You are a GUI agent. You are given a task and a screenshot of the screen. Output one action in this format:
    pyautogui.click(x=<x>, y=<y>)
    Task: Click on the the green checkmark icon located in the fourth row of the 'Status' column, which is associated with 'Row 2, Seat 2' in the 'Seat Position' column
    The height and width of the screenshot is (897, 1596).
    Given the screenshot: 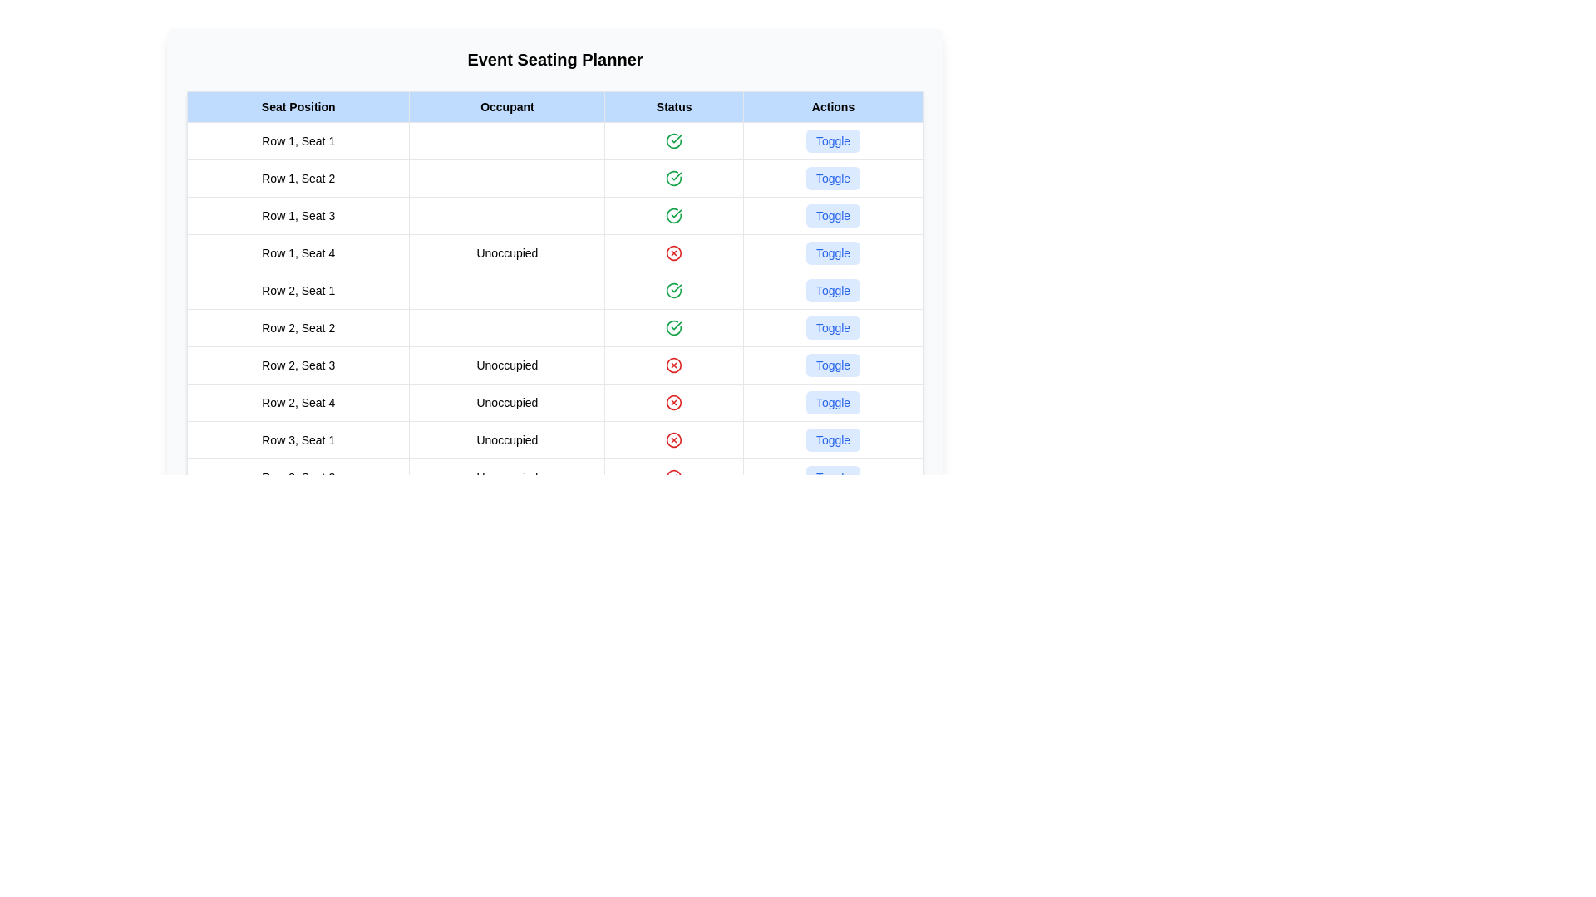 What is the action you would take?
    pyautogui.click(x=674, y=327)
    